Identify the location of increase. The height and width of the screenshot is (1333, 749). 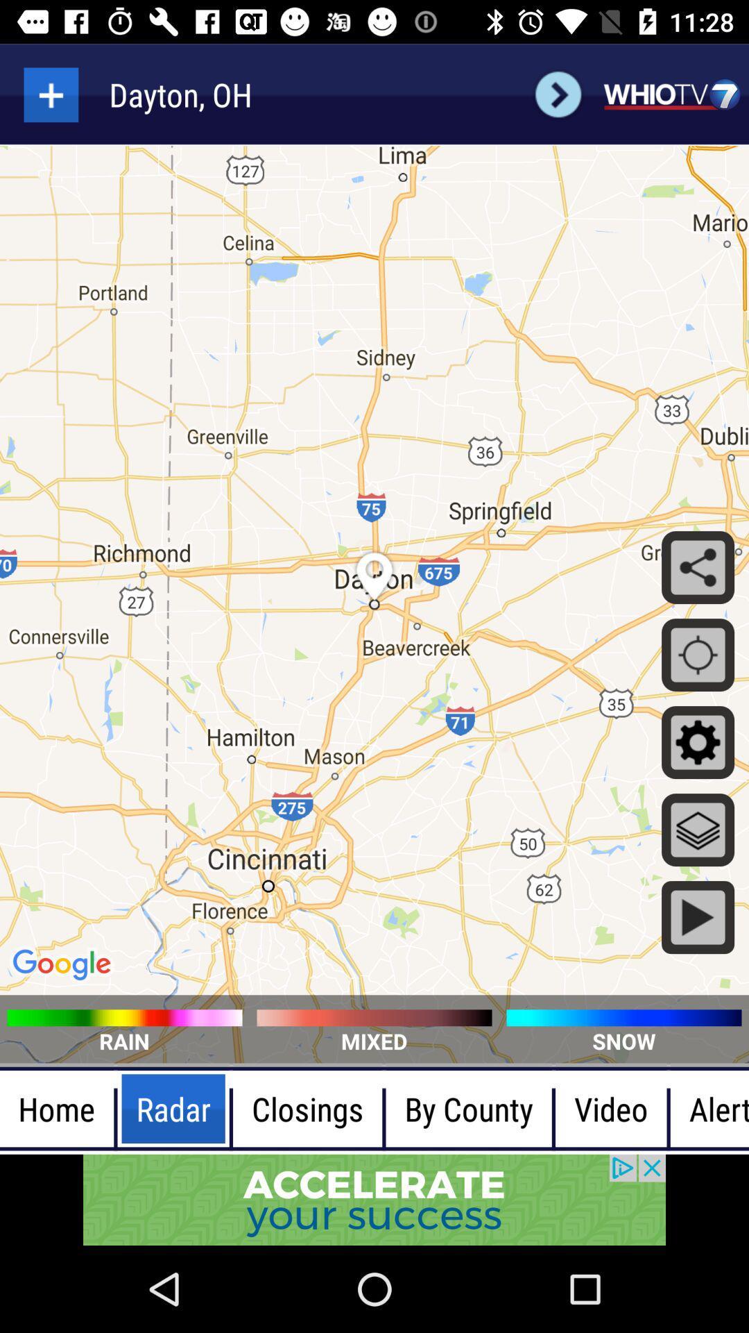
(50, 94).